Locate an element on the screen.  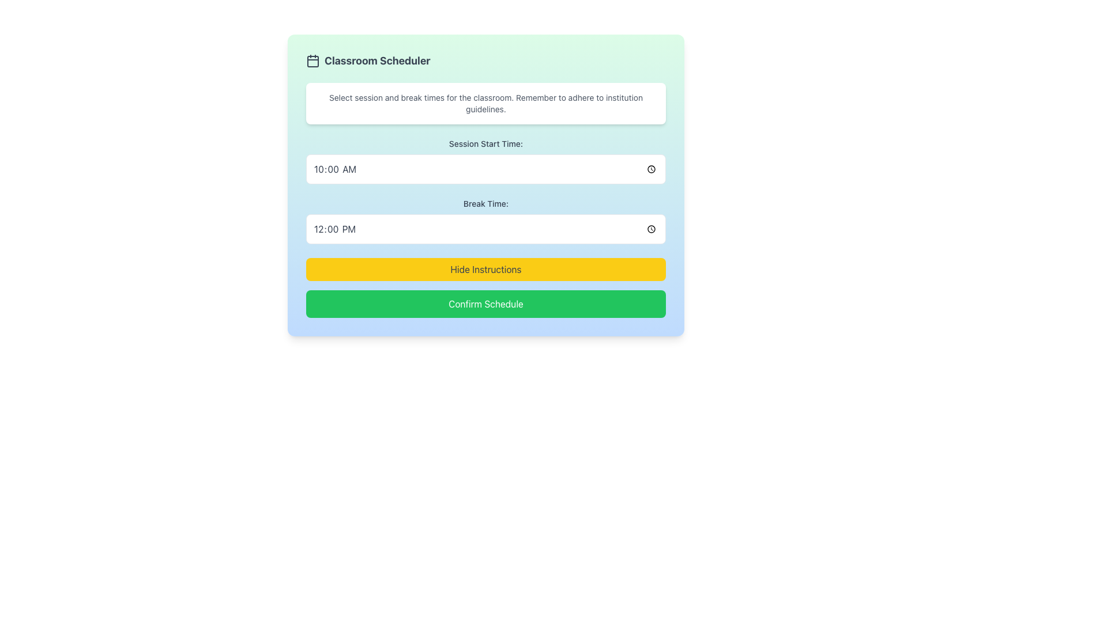
the button located directly below the 'Break Time:' input field to hide the instructional text or elements within the interface is located at coordinates (486, 269).